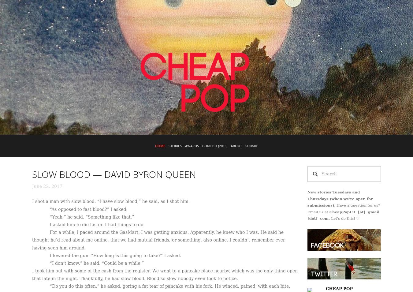 The image size is (413, 292). I want to click on 'For a while, I paced around the GasMart. I was getting anxious. Apparently, he knew who I was. He said he thought he’d read about me online, that we had mutual friends, or something, also online. I couldn’t remember ever having seen him around.', so click(158, 240).